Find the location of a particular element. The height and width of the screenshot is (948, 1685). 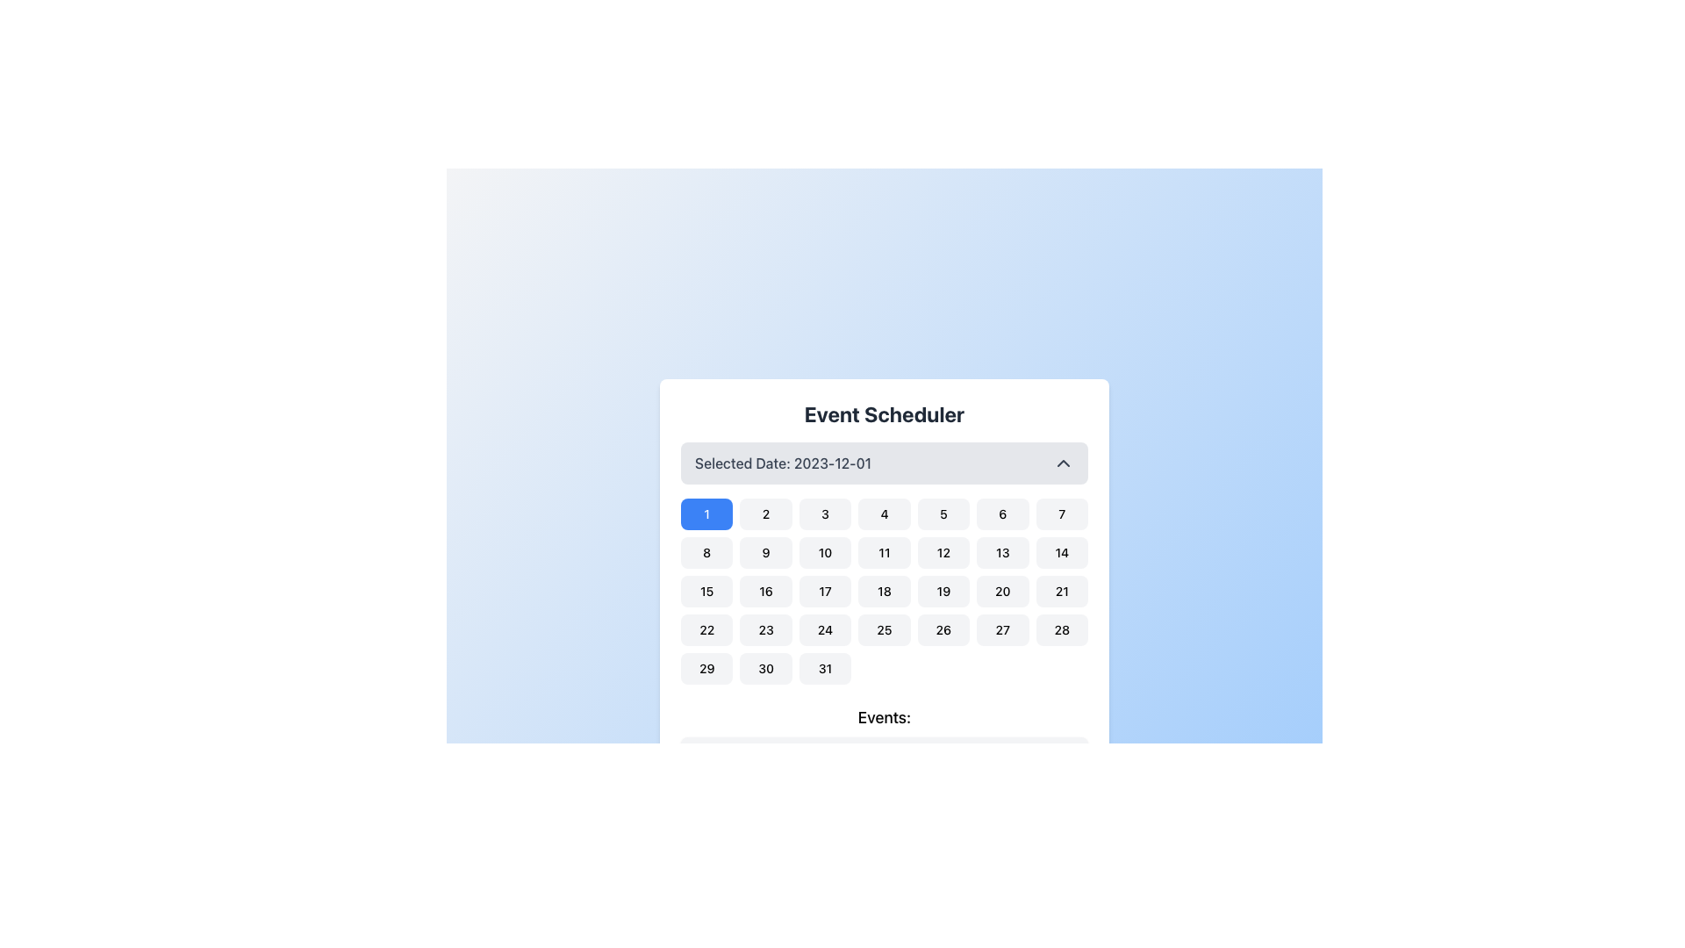

the button displaying the number '9' in the second row, second column of the grid layout is located at coordinates (766, 551).